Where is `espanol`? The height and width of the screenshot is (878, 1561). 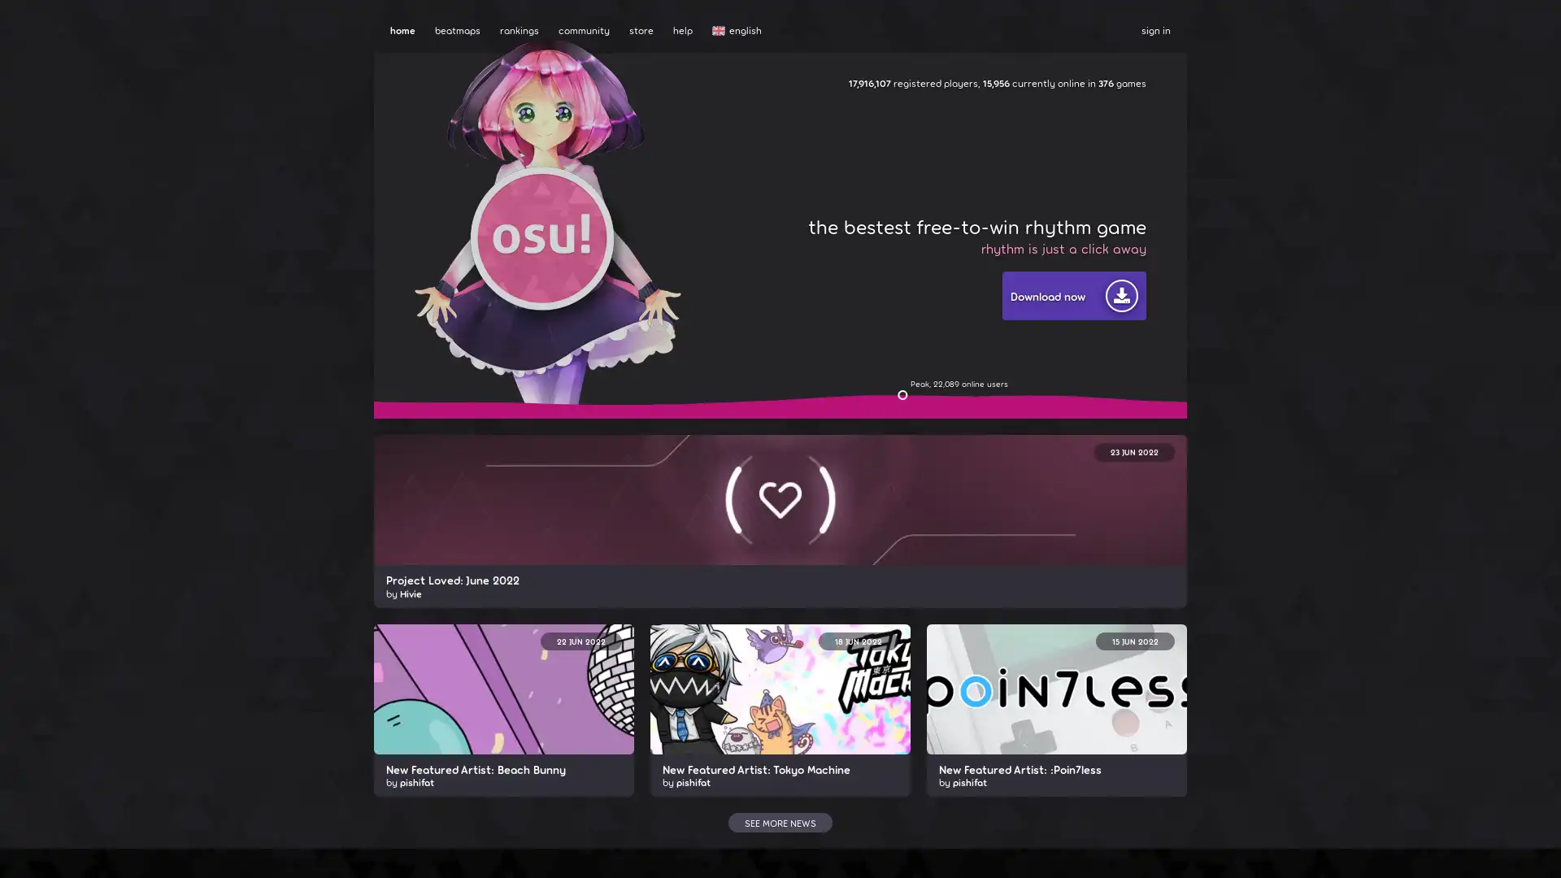
espanol is located at coordinates (760, 221).